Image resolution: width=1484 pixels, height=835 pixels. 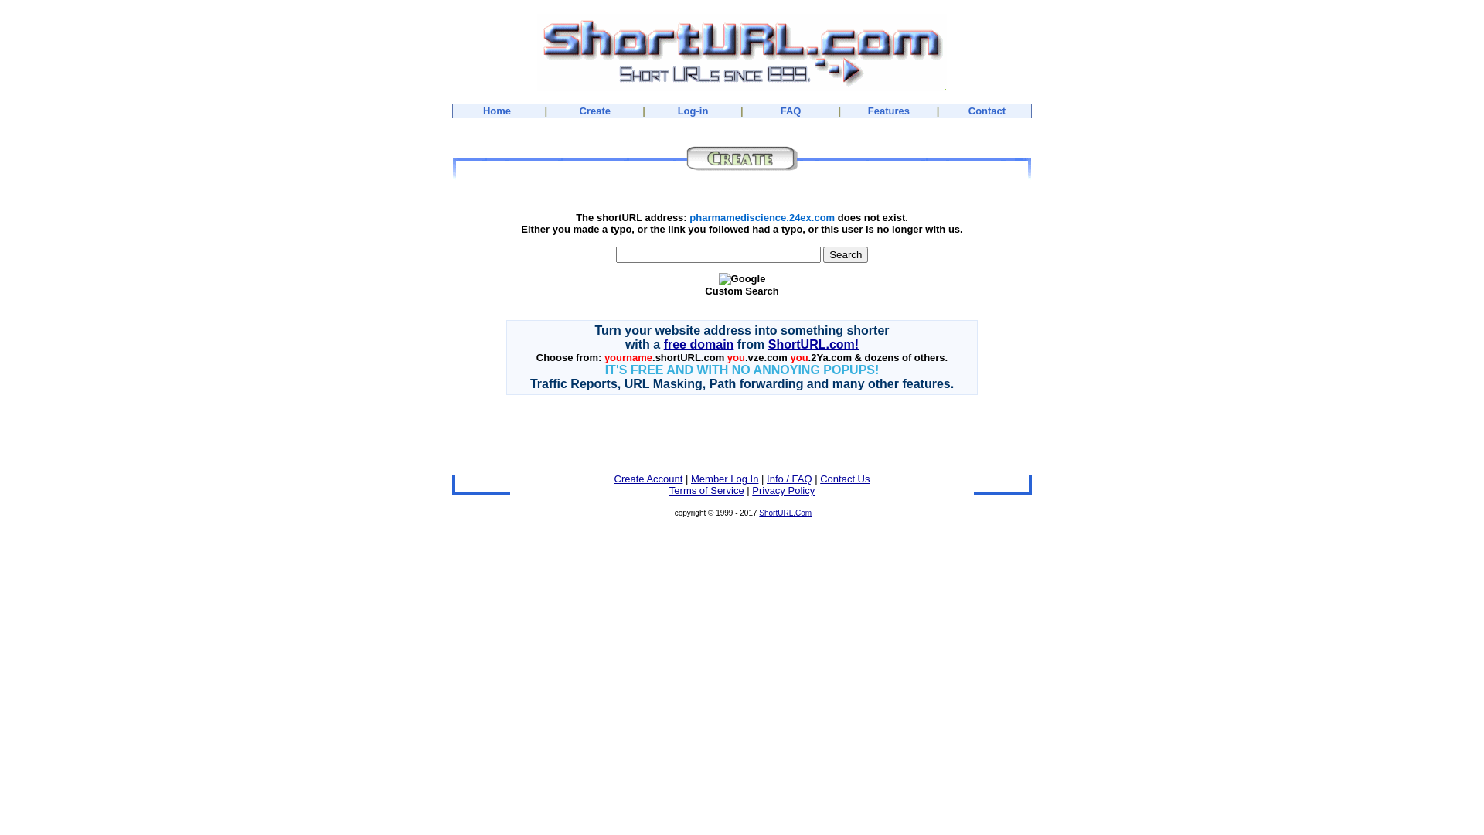 I want to click on 'Features', so click(x=889, y=110).